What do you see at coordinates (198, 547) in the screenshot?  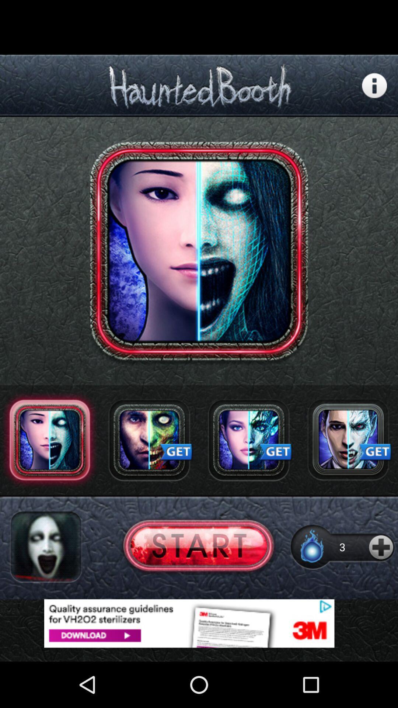 I see `start the zombifier` at bounding box center [198, 547].